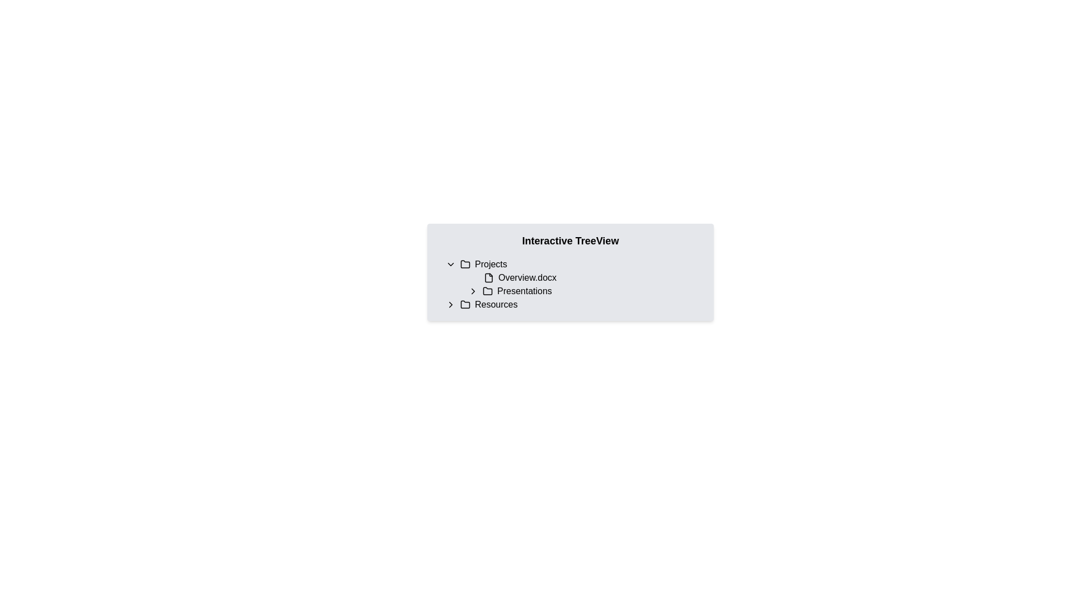 This screenshot has height=604, width=1074. Describe the element at coordinates (582, 290) in the screenshot. I see `the TreeView Item named 'Presentations', which is the second entry under the 'Projects' node in the tree view` at that location.